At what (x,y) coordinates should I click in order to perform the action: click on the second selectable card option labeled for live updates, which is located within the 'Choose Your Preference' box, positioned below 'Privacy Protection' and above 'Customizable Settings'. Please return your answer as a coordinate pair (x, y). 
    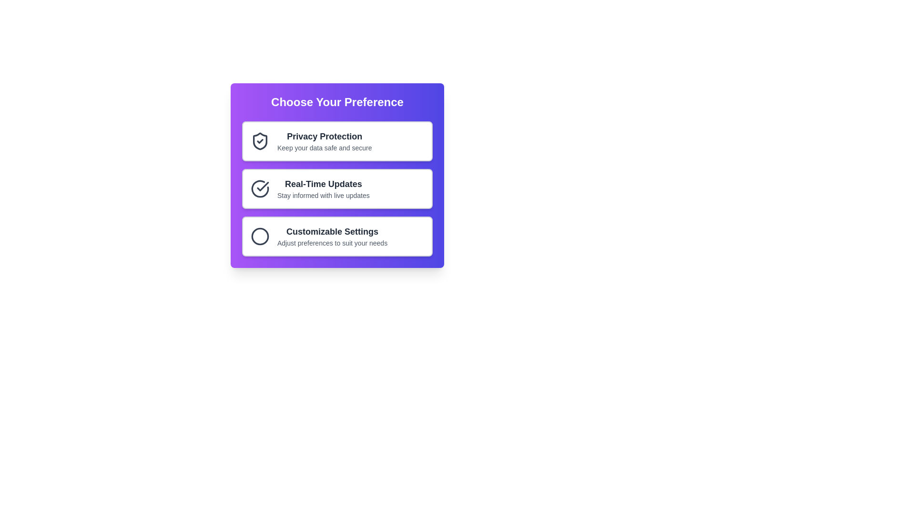
    Looking at the image, I should click on (337, 189).